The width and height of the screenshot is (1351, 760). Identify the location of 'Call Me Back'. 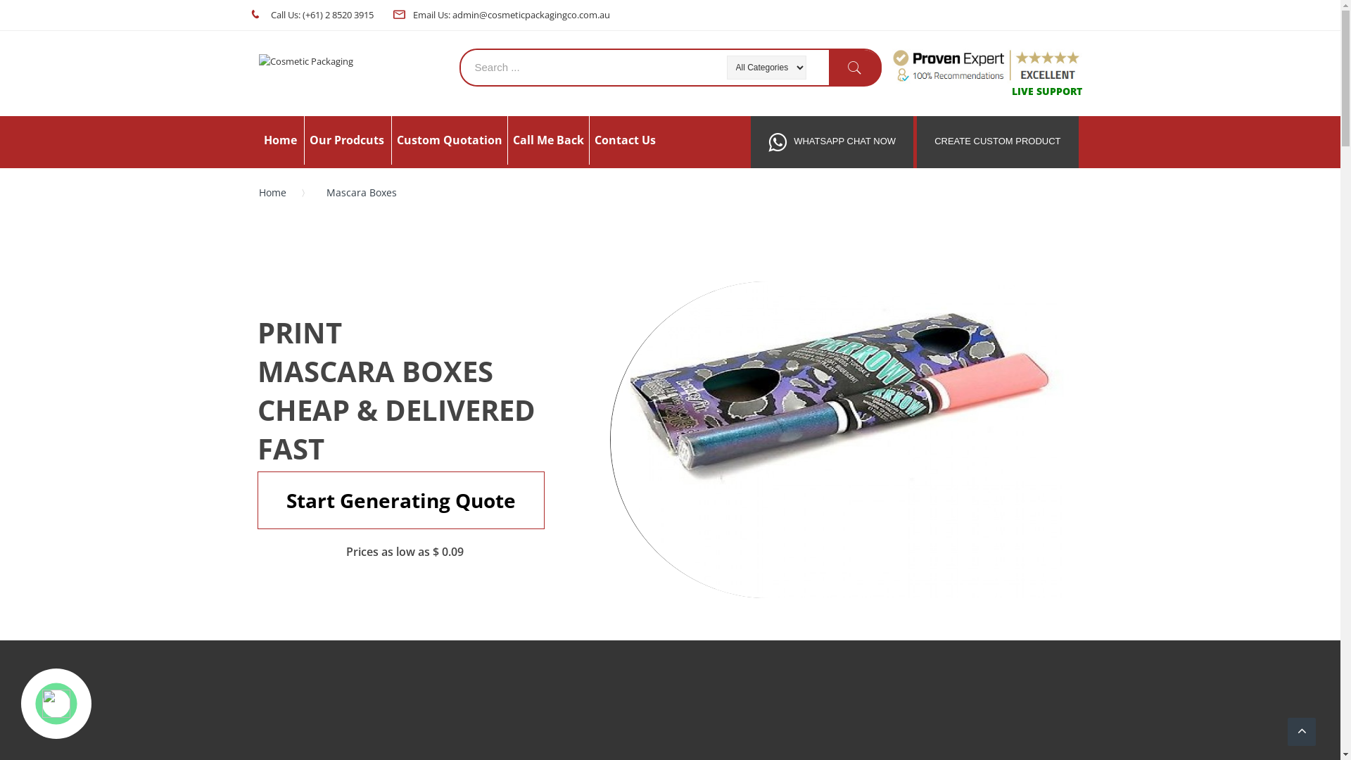
(546, 140).